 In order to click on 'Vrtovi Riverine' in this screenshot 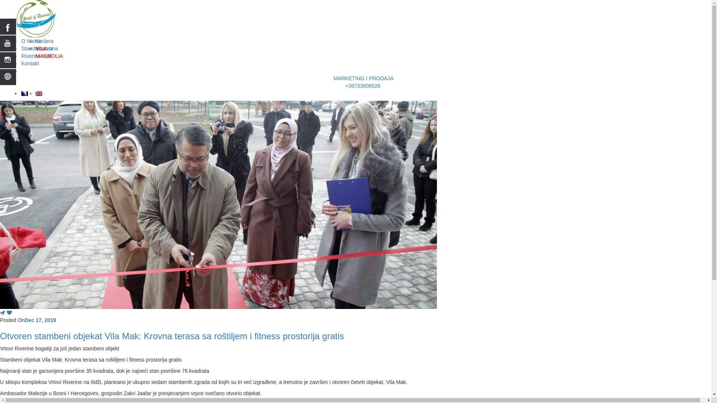, I will do `click(35, 18)`.